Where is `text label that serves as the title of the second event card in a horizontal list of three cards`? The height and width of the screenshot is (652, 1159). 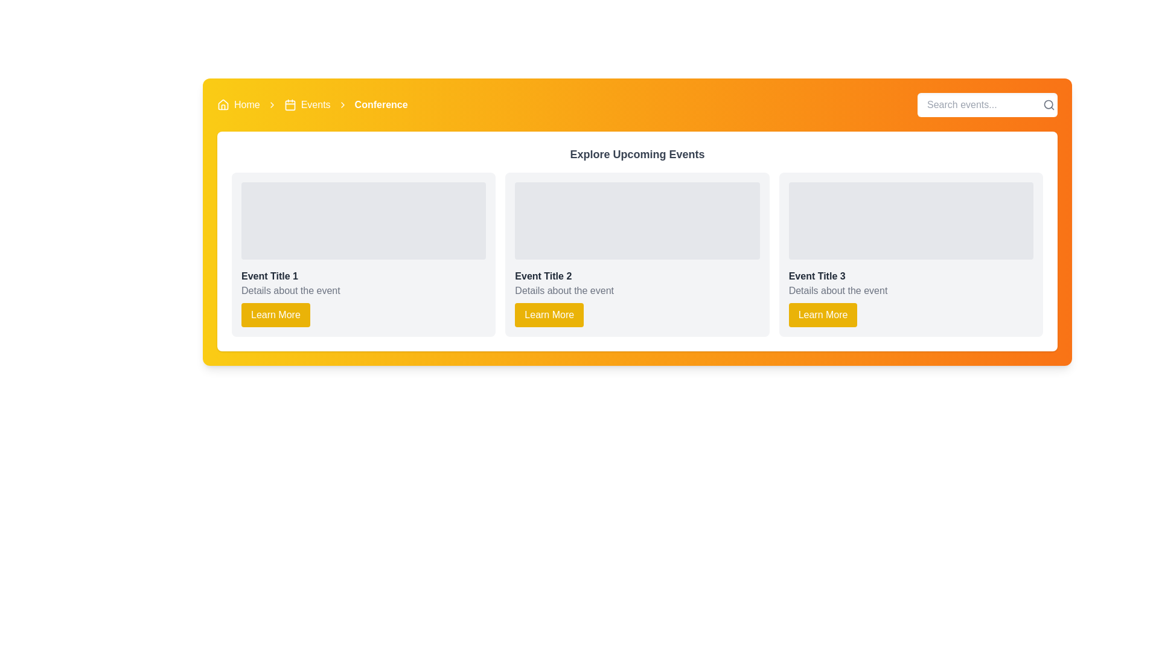
text label that serves as the title of the second event card in a horizontal list of three cards is located at coordinates (543, 276).